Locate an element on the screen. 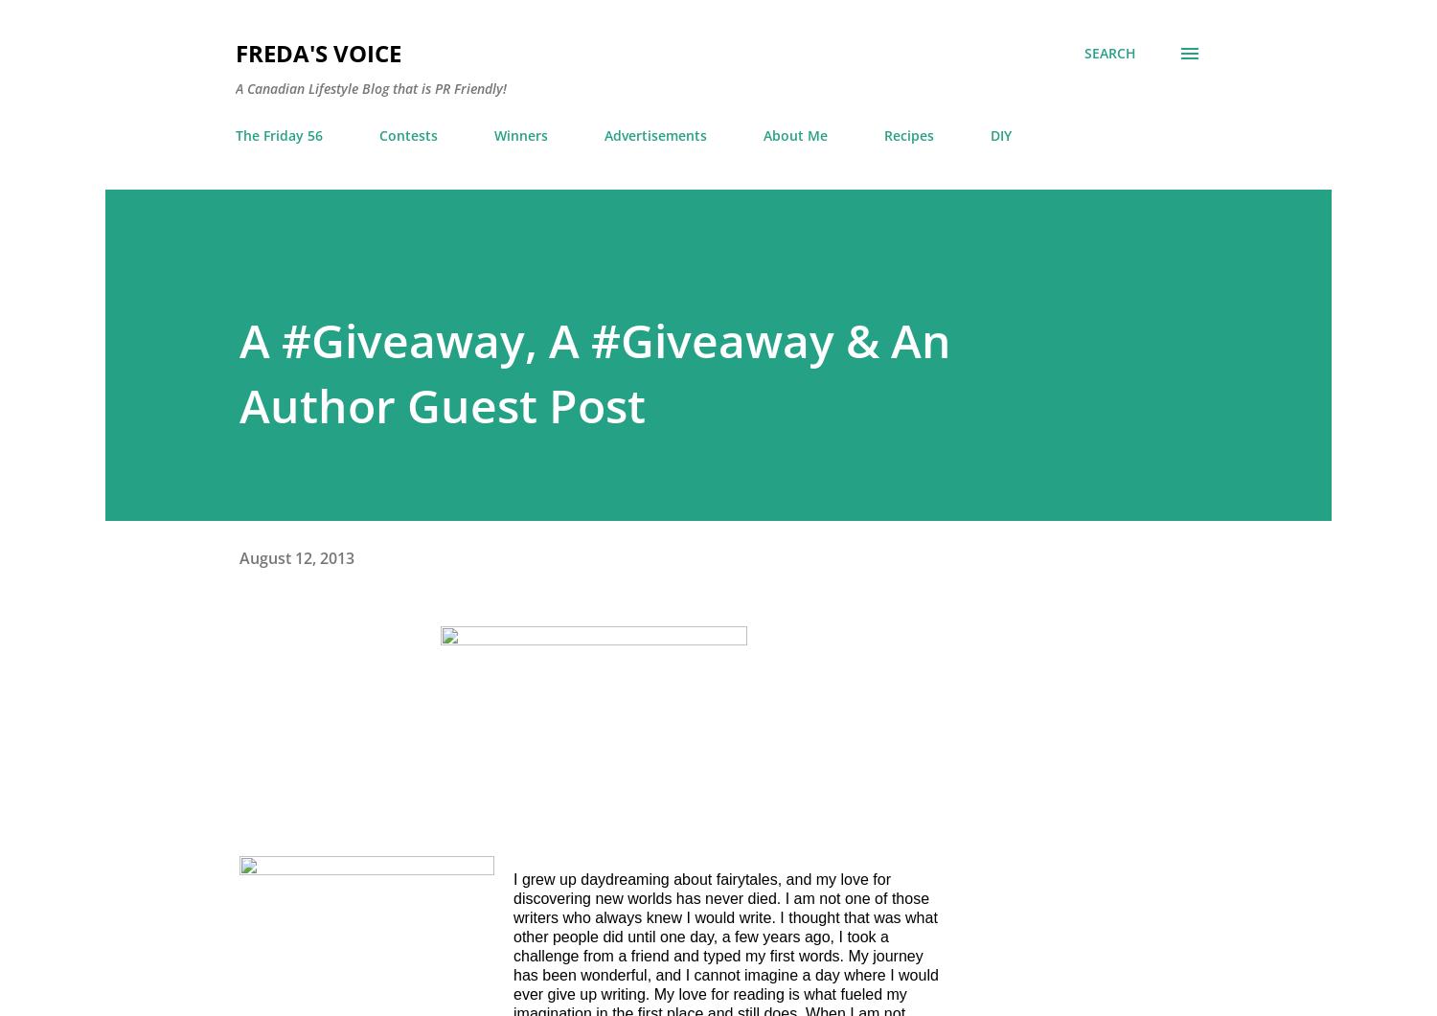 This screenshot has height=1016, width=1437. 'Freda's Voice' is located at coordinates (317, 53).